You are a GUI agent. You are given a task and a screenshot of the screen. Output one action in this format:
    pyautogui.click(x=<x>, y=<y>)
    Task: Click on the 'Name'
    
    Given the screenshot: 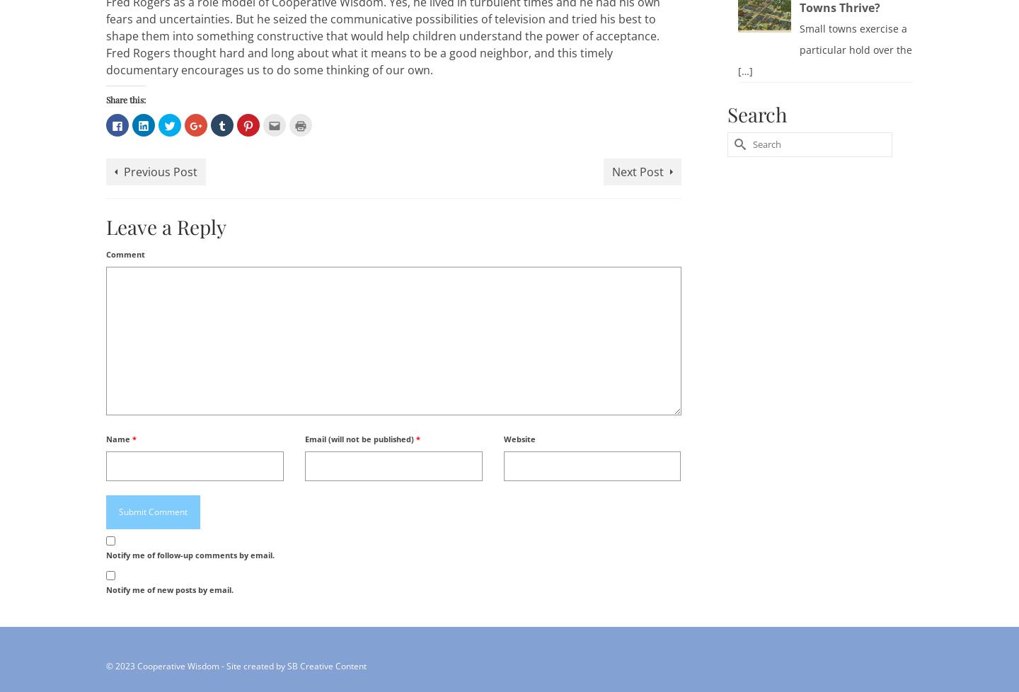 What is the action you would take?
    pyautogui.click(x=118, y=438)
    